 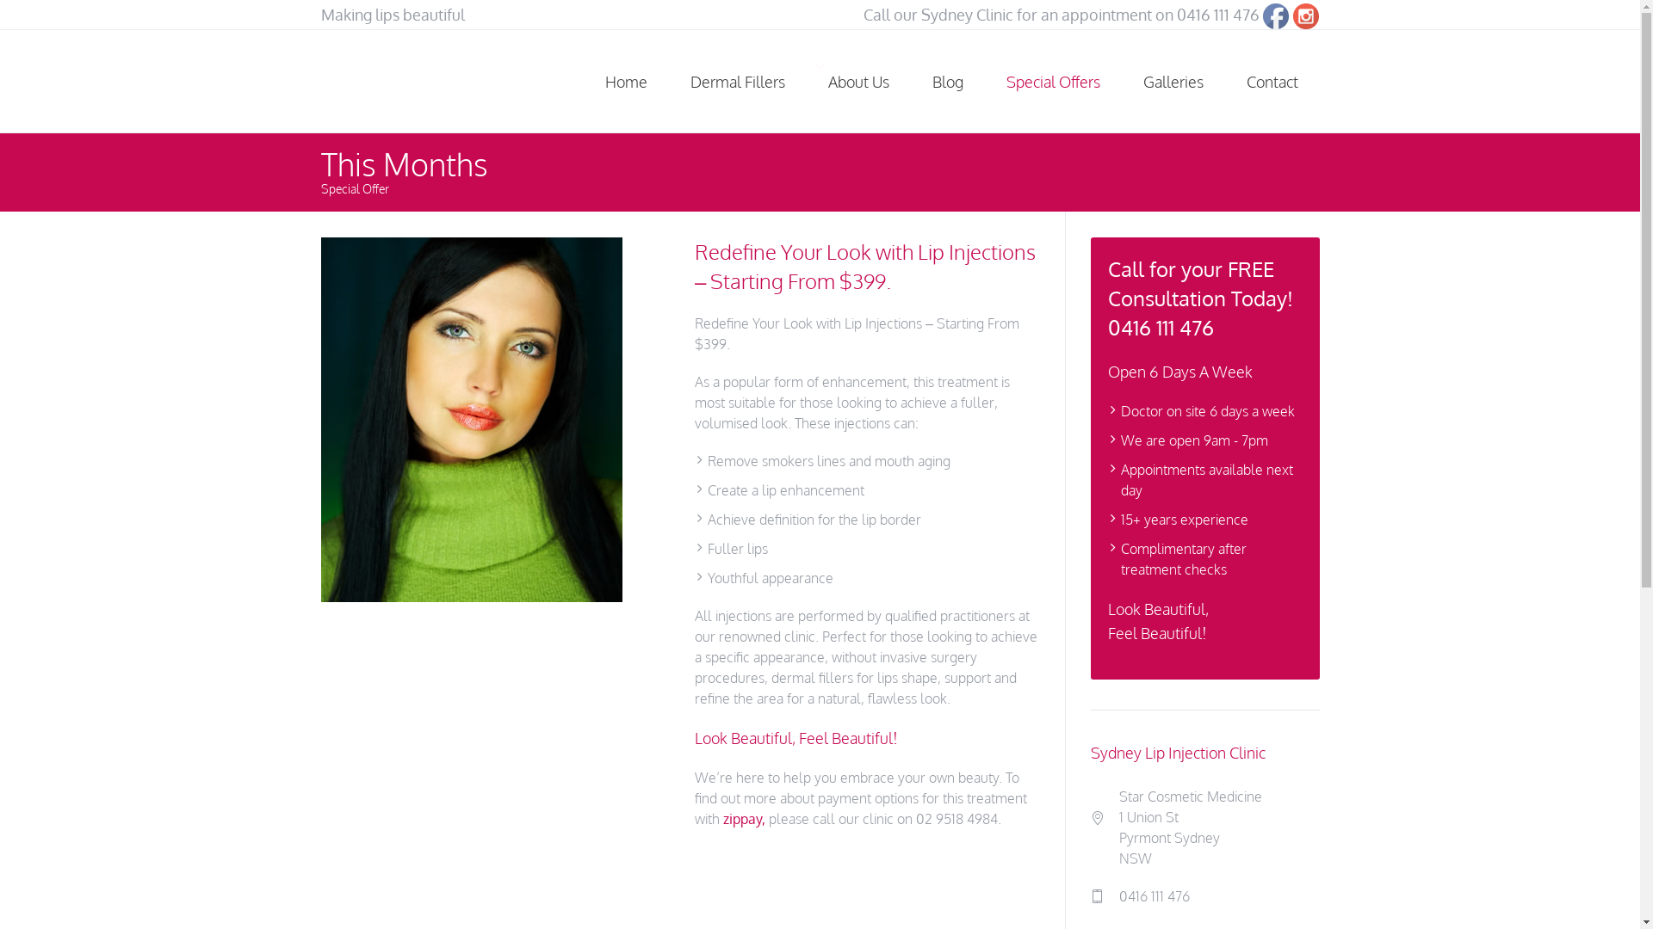 I want to click on 'zippay,', so click(x=744, y=818).